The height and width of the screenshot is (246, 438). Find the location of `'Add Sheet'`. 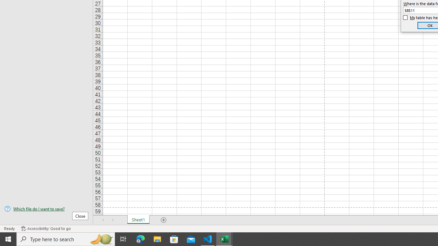

'Add Sheet' is located at coordinates (163, 220).